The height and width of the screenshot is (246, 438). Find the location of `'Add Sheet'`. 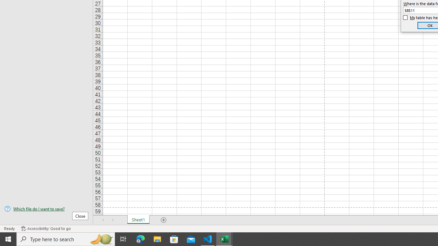

'Add Sheet' is located at coordinates (163, 220).